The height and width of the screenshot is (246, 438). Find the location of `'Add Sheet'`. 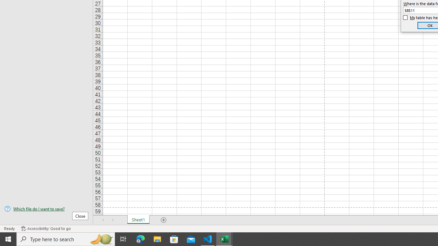

'Add Sheet' is located at coordinates (163, 220).